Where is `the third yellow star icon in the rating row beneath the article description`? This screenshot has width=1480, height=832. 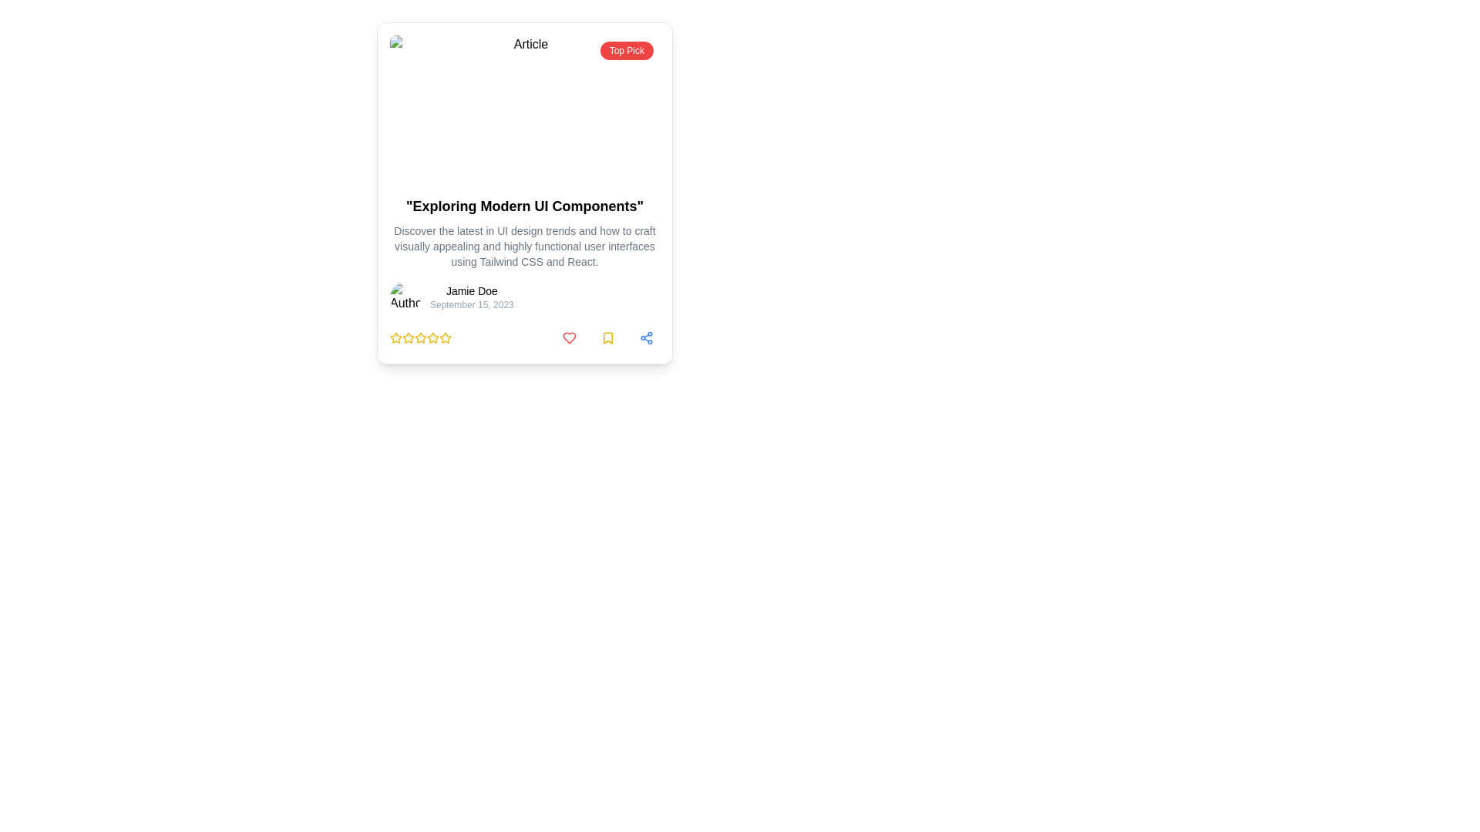 the third yellow star icon in the rating row beneath the article description is located at coordinates (421, 337).